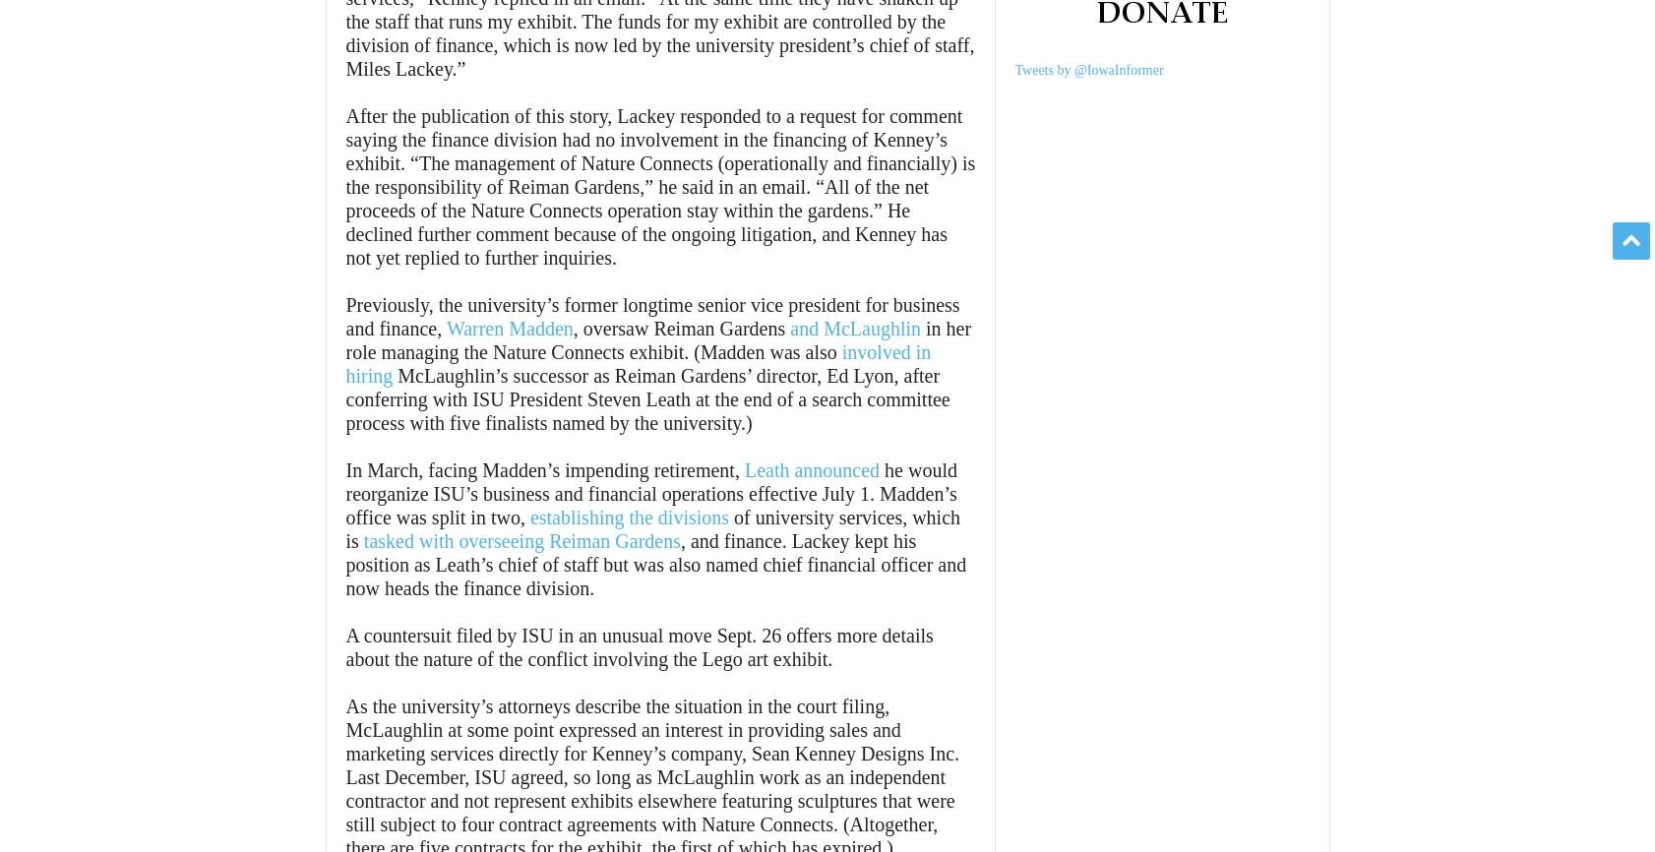 This screenshot has width=1655, height=852. What do you see at coordinates (812, 470) in the screenshot?
I see `'Leath announced'` at bounding box center [812, 470].